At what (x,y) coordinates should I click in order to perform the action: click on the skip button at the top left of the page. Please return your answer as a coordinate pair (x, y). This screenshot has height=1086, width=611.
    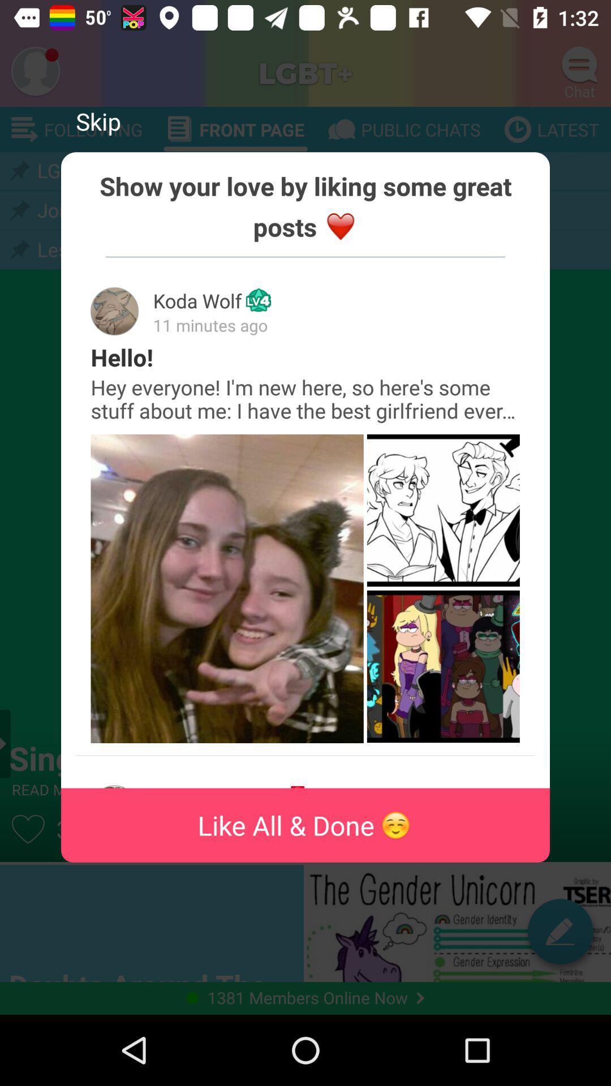
    Looking at the image, I should click on (97, 121).